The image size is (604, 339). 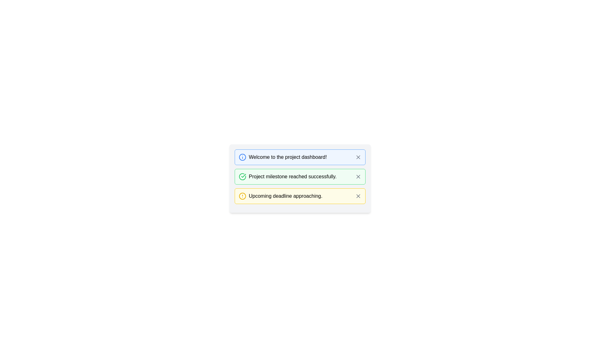 I want to click on the Close button icon within the notification that dismisses the notification containing the message 'Project milestone reached successfully.', so click(x=358, y=177).